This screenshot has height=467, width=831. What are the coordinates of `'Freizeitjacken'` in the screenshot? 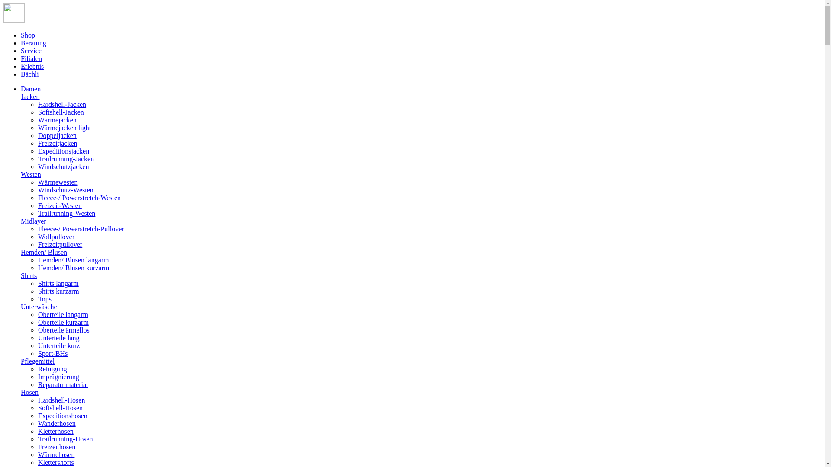 It's located at (57, 143).